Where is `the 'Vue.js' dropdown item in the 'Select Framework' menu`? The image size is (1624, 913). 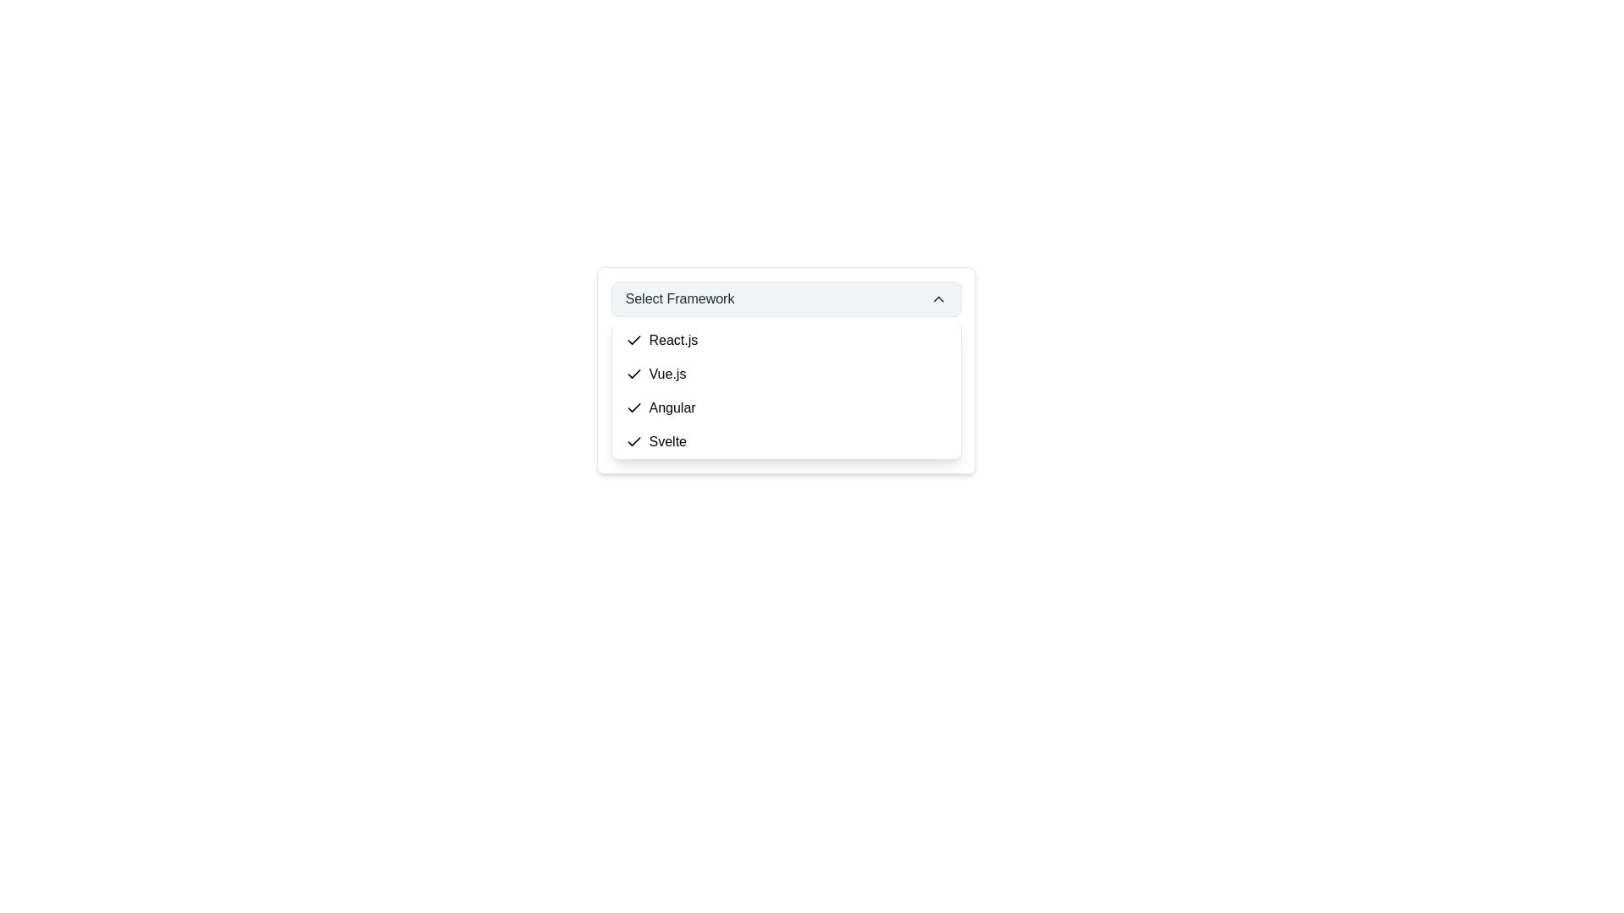
the 'Vue.js' dropdown item in the 'Select Framework' menu is located at coordinates (785, 374).